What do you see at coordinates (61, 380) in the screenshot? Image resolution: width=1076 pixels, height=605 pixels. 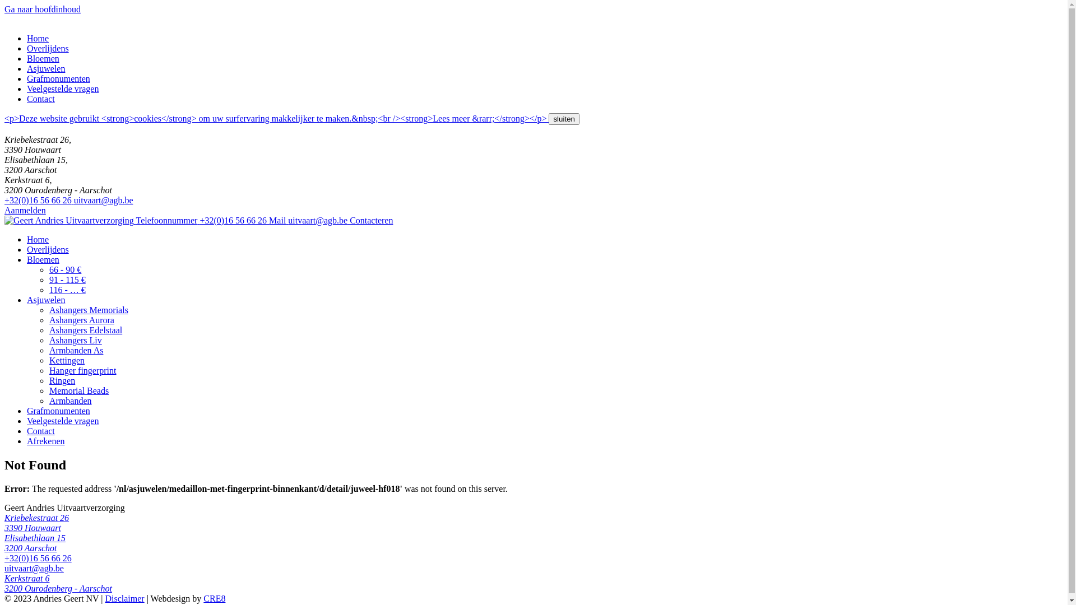 I see `'Ringen'` at bounding box center [61, 380].